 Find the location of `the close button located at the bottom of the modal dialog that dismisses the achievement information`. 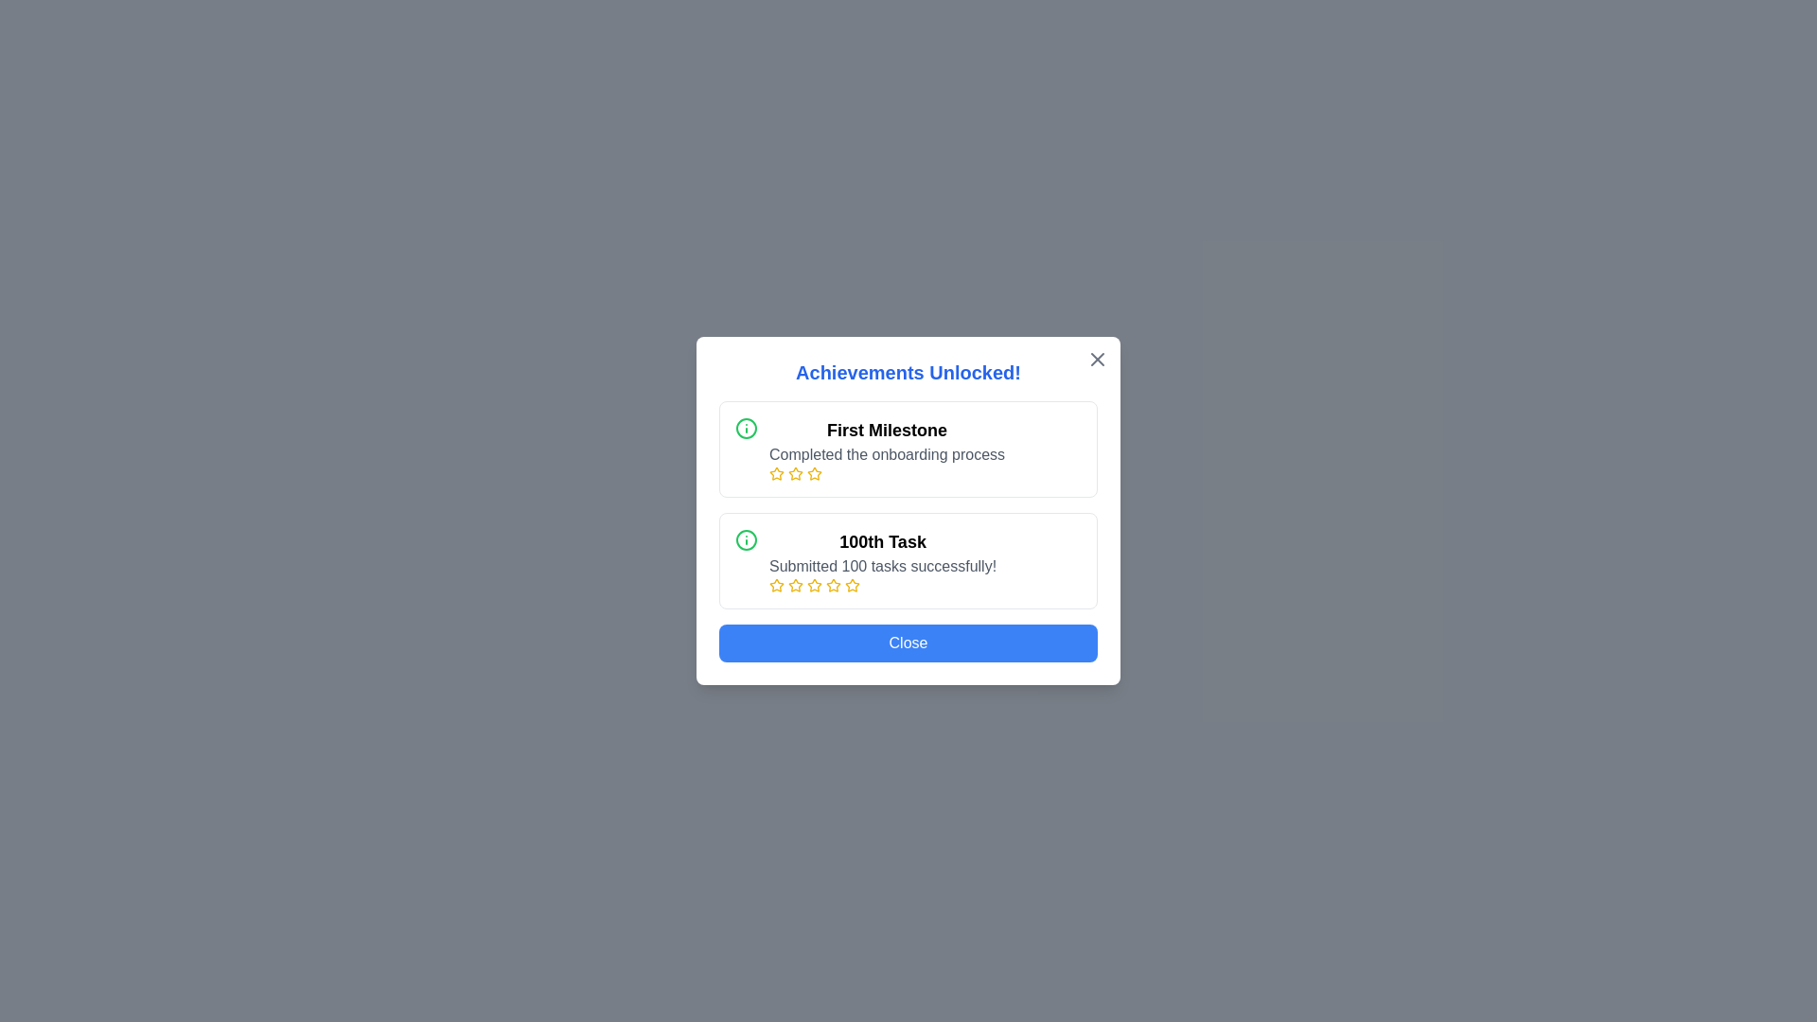

the close button located at the bottom of the modal dialog that dismisses the achievement information is located at coordinates (908, 642).